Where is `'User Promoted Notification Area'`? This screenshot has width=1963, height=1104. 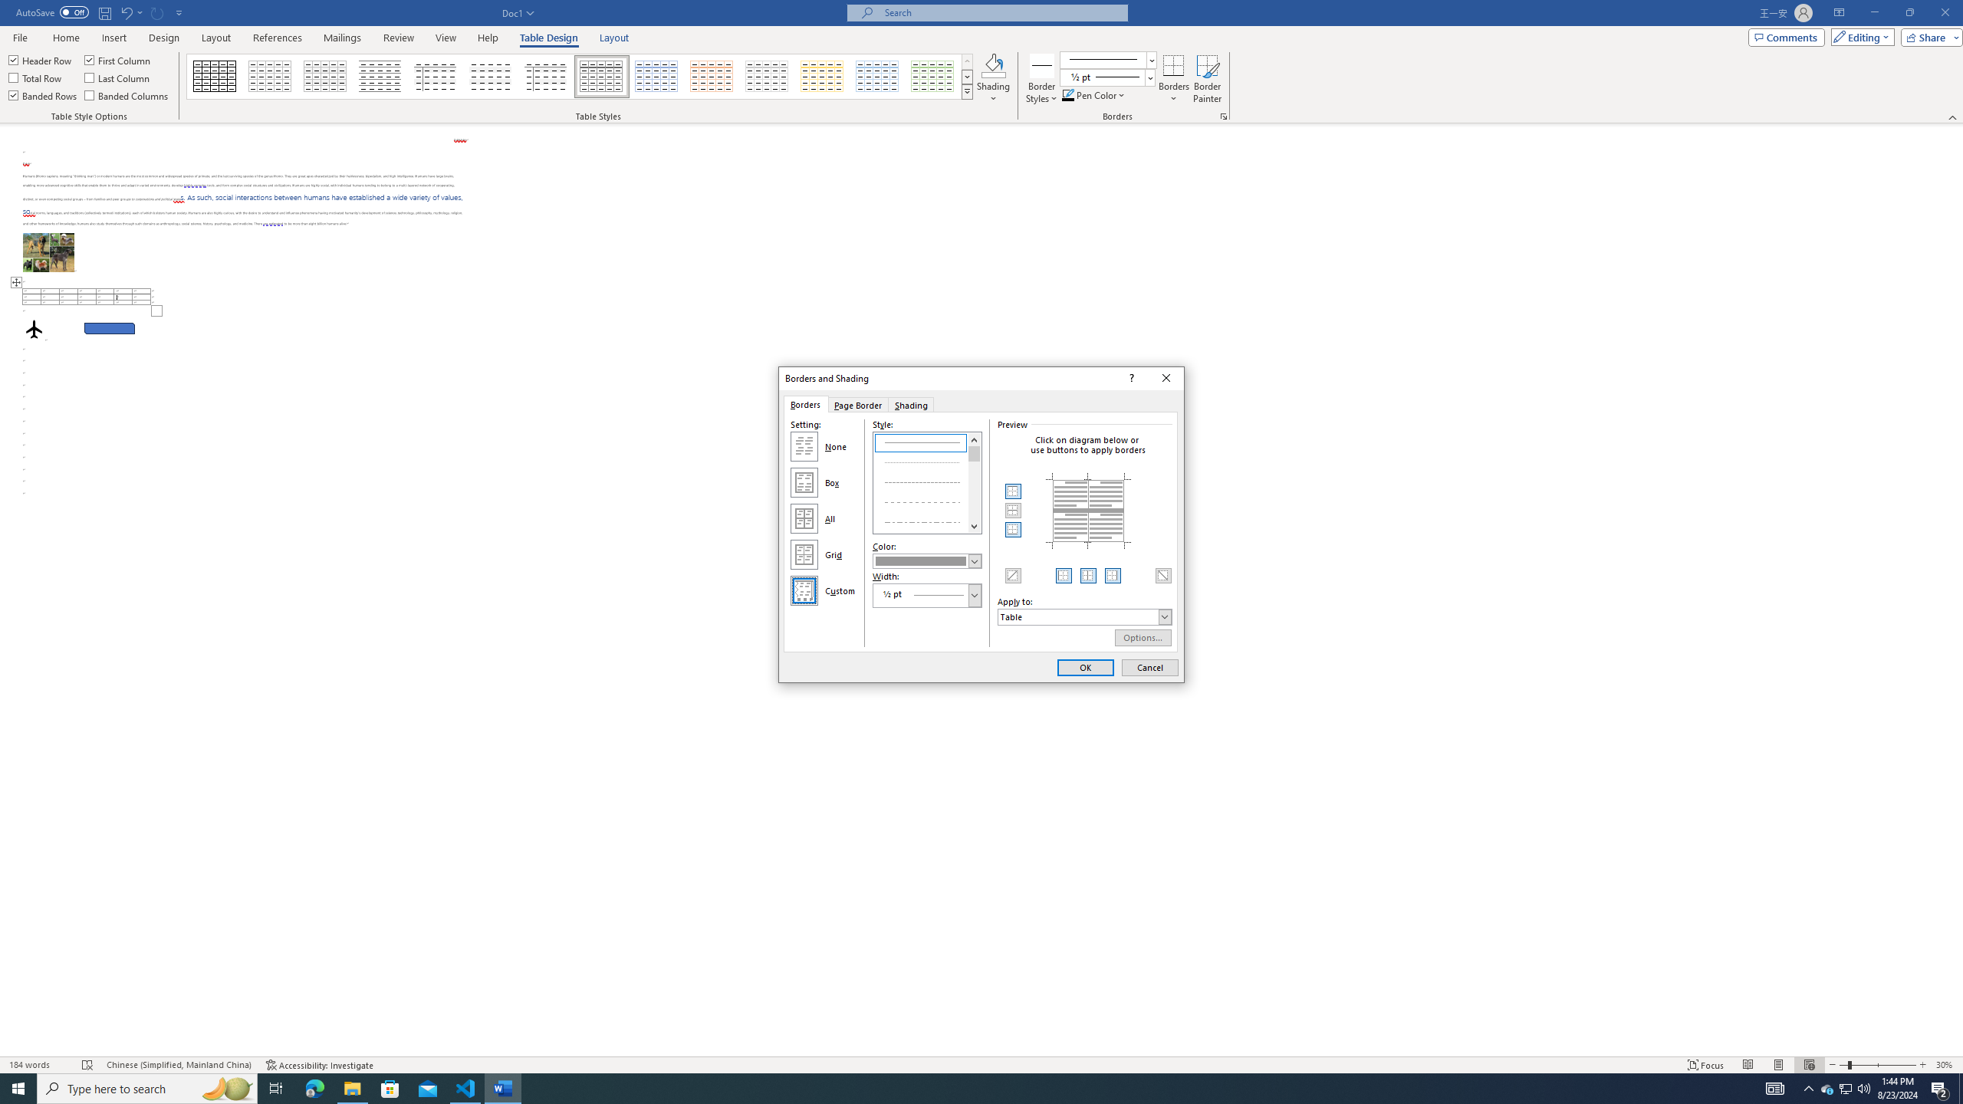 'User Promoted Notification Area' is located at coordinates (1844, 1087).